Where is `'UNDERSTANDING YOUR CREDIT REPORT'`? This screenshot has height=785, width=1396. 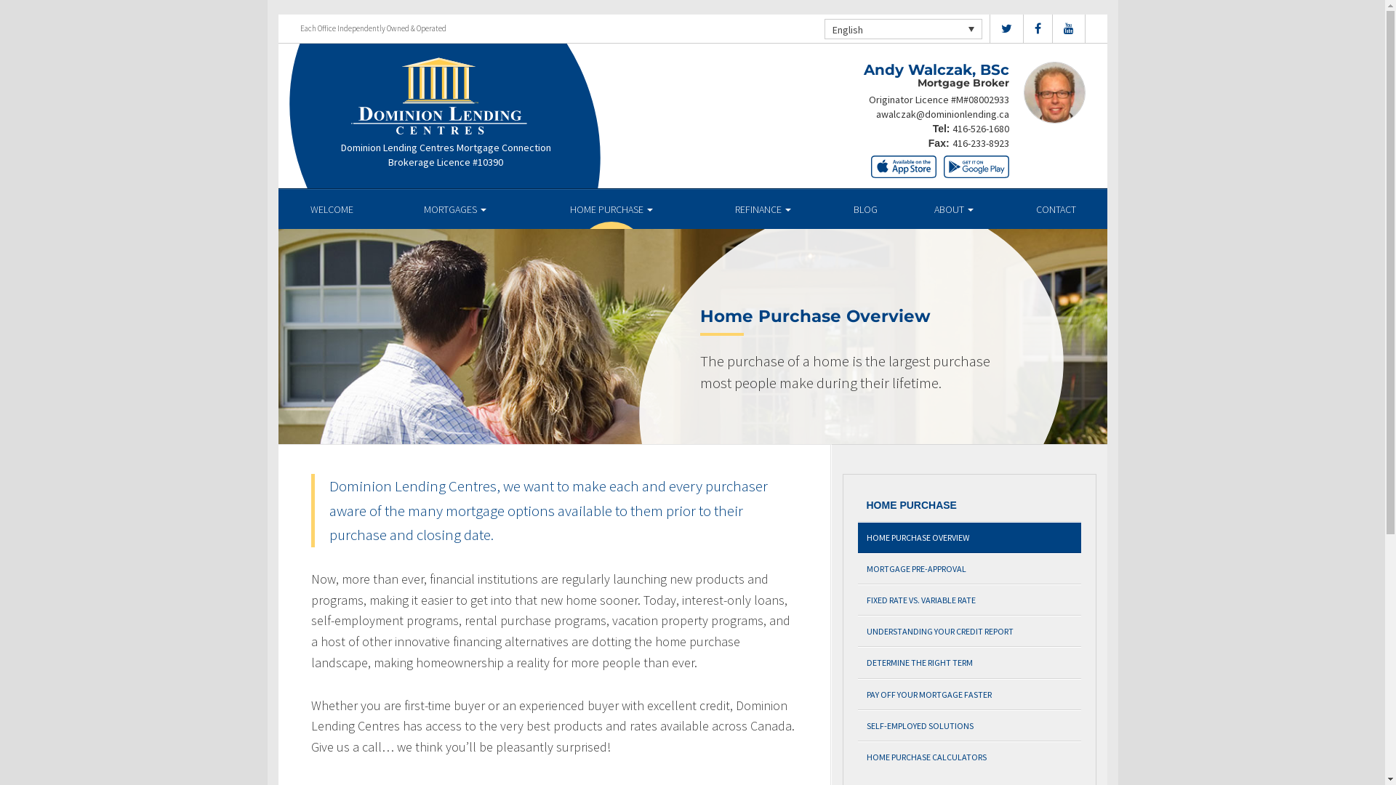 'UNDERSTANDING YOUR CREDIT REPORT' is located at coordinates (969, 630).